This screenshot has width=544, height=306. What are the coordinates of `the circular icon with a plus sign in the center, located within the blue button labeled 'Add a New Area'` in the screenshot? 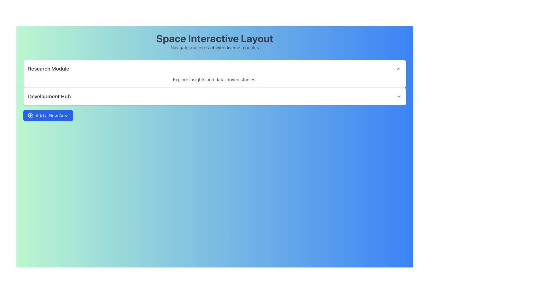 It's located at (30, 115).